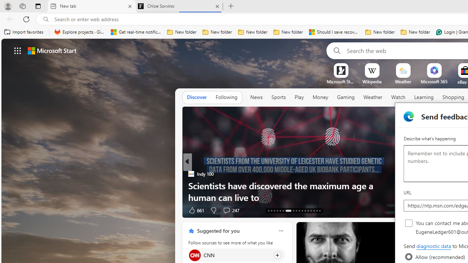 The height and width of the screenshot is (263, 468). What do you see at coordinates (52, 50) in the screenshot?
I see `'Microsoft start'` at bounding box center [52, 50].